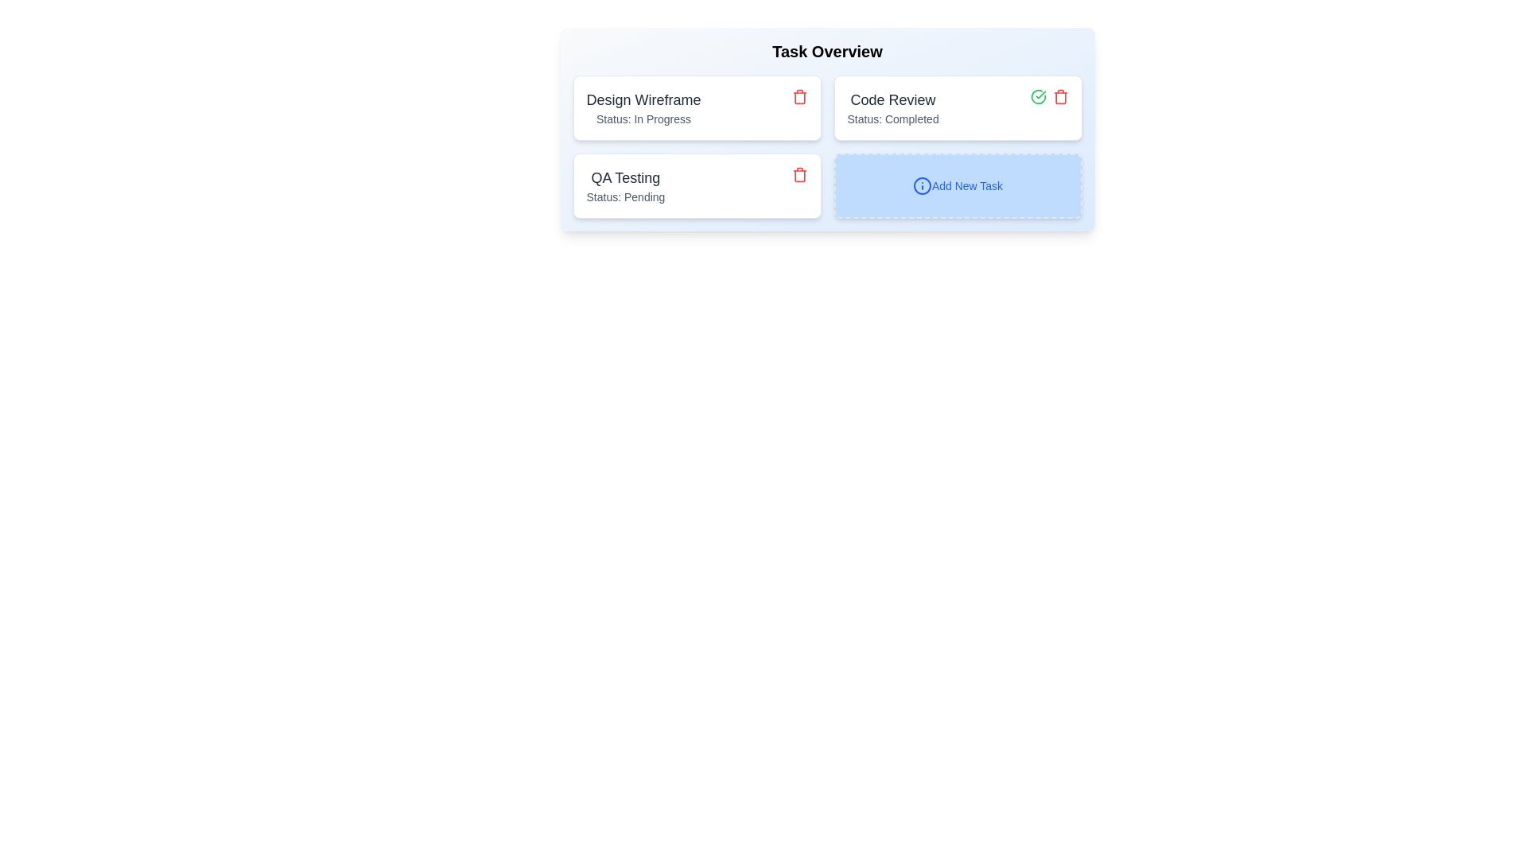  I want to click on the trash icon for the task titled 'QA Testing' to remove it, so click(799, 174).